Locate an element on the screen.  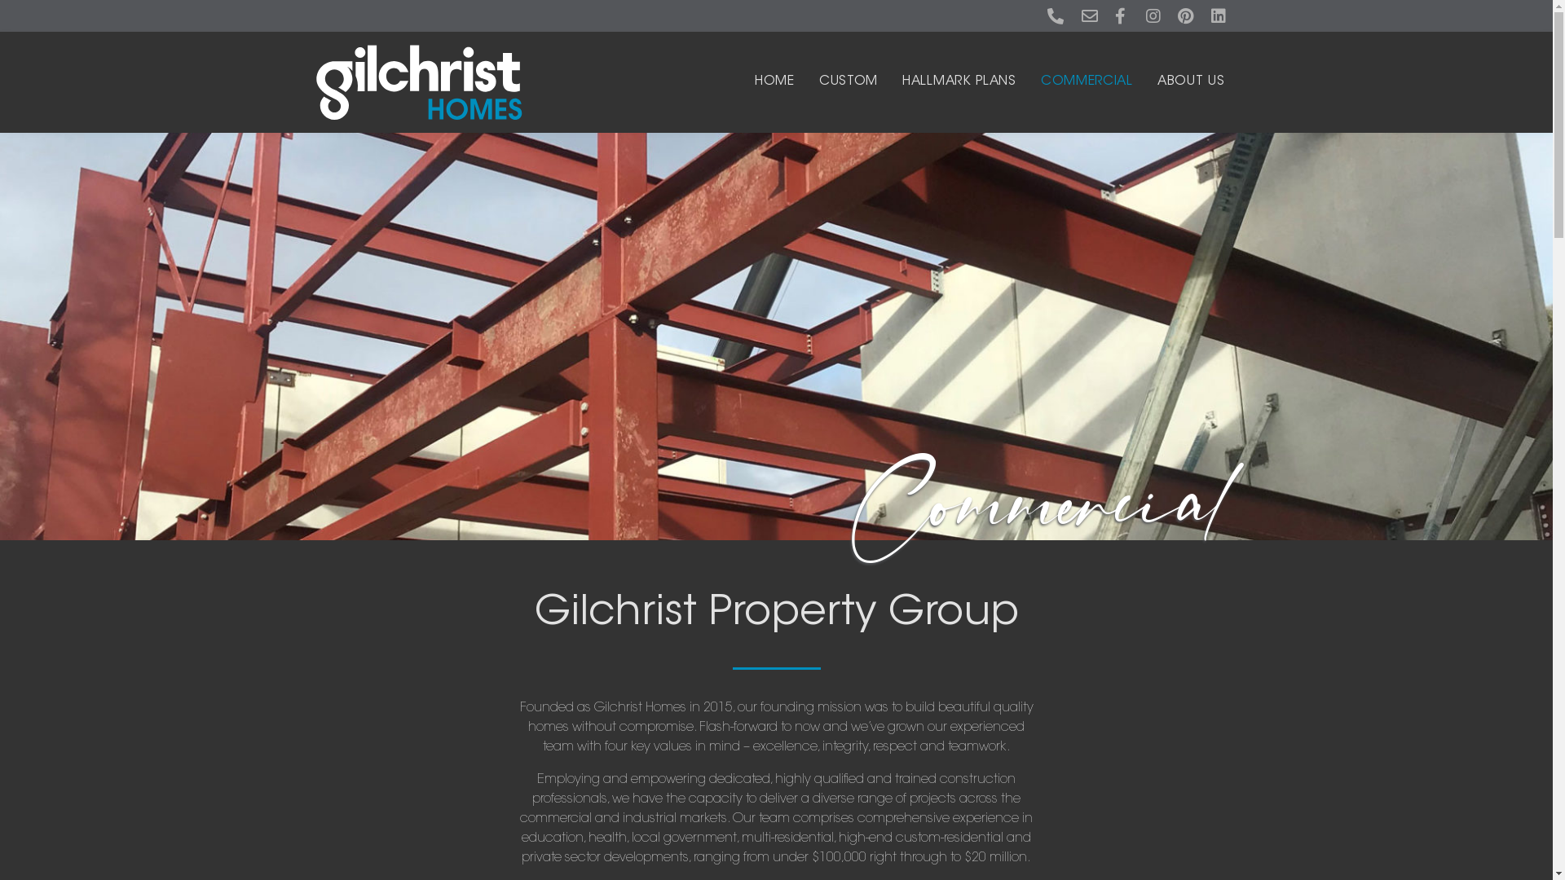
'ABOUT US' is located at coordinates (1157, 81).